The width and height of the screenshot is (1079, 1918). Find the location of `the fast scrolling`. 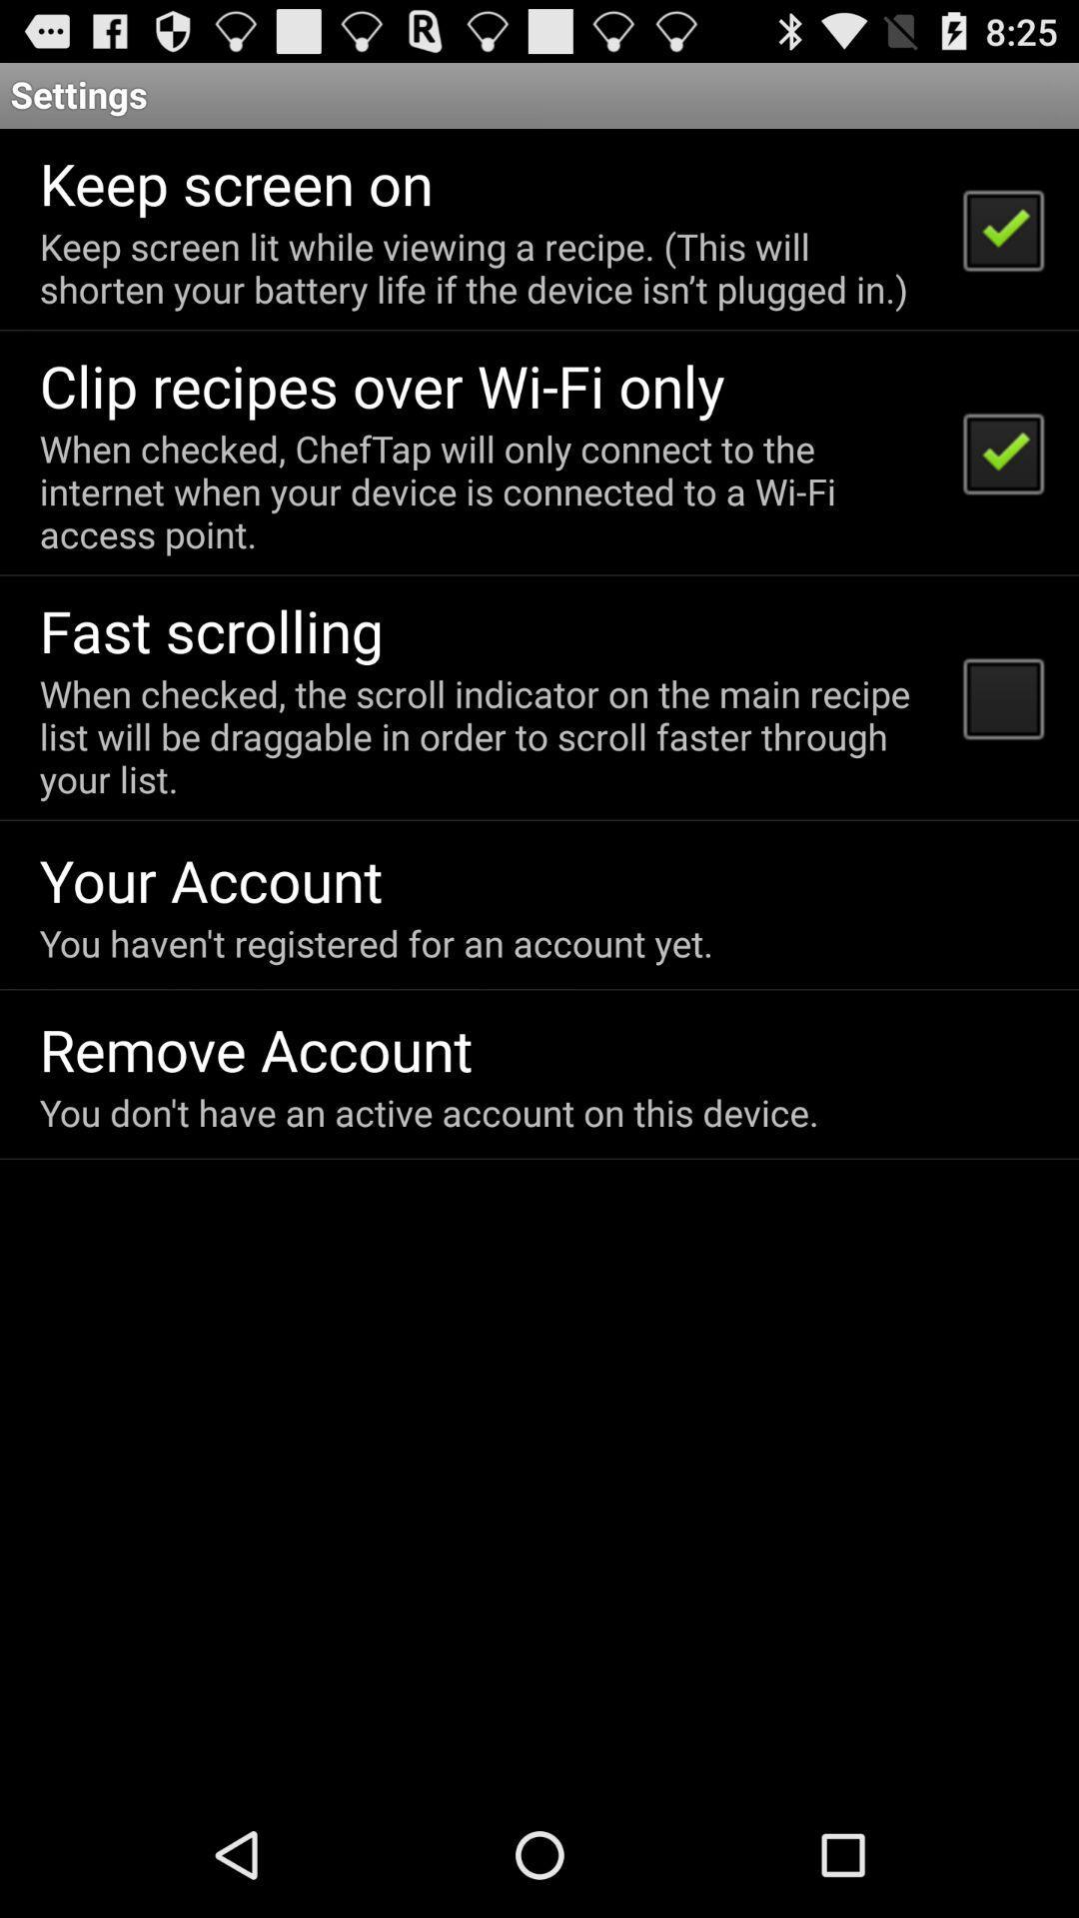

the fast scrolling is located at coordinates (211, 629).